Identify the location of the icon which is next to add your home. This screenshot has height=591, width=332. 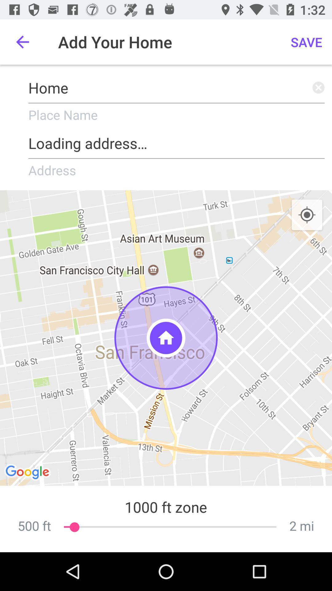
(306, 42).